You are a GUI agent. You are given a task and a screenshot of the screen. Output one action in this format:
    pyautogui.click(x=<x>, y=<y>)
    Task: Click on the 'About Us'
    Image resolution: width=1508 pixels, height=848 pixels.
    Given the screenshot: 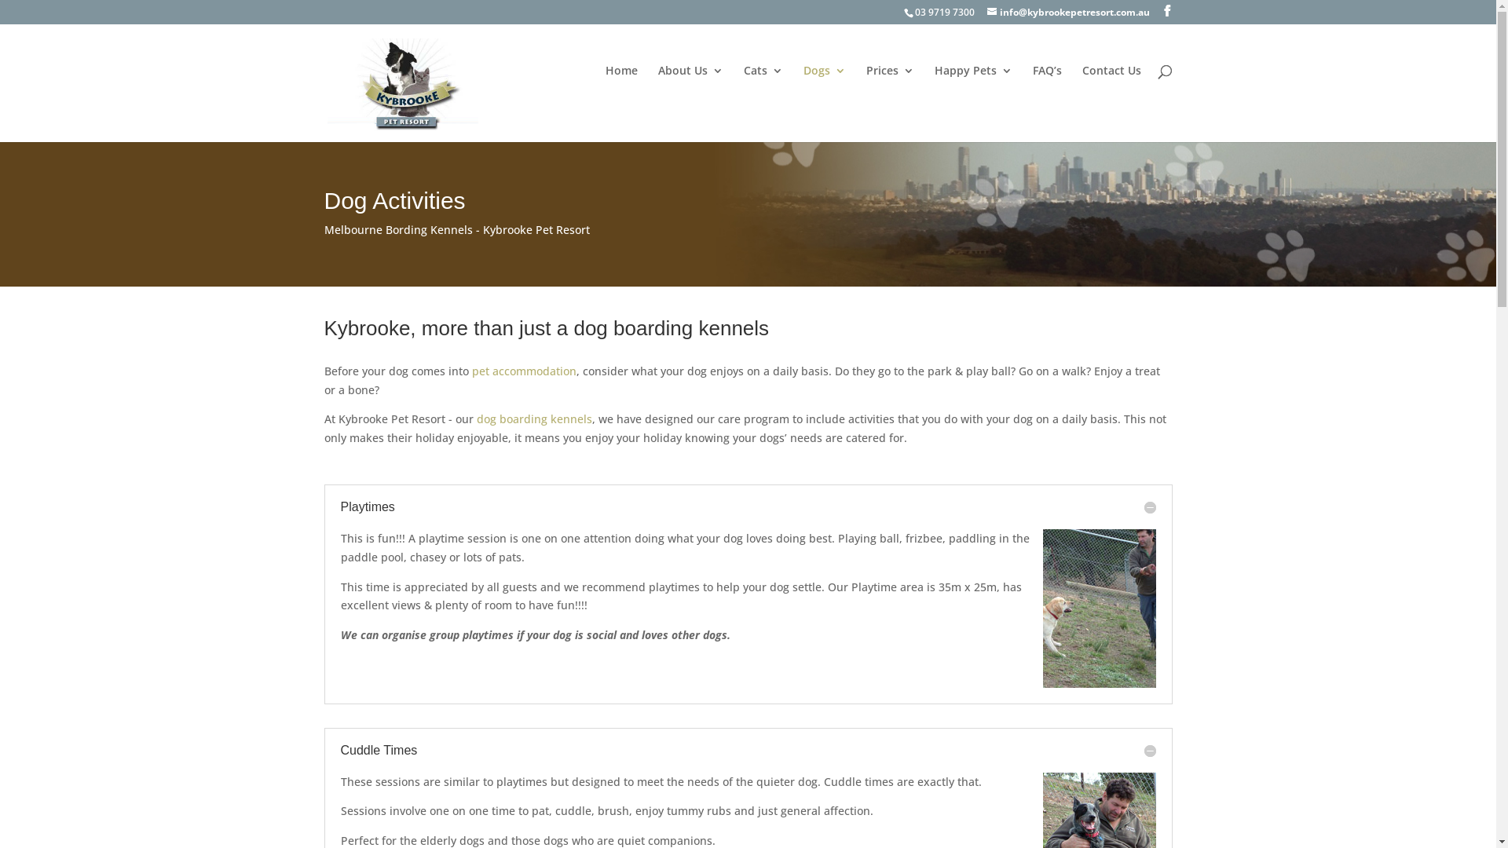 What is the action you would take?
    pyautogui.click(x=658, y=90)
    